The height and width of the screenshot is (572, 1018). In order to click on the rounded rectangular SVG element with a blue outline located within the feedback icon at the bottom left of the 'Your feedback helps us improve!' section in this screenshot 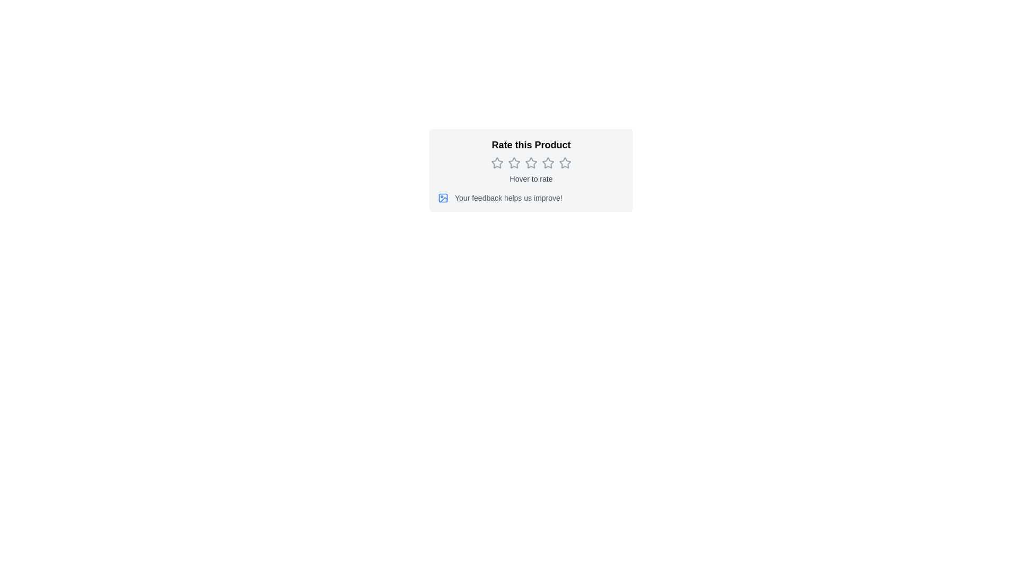, I will do `click(443, 198)`.